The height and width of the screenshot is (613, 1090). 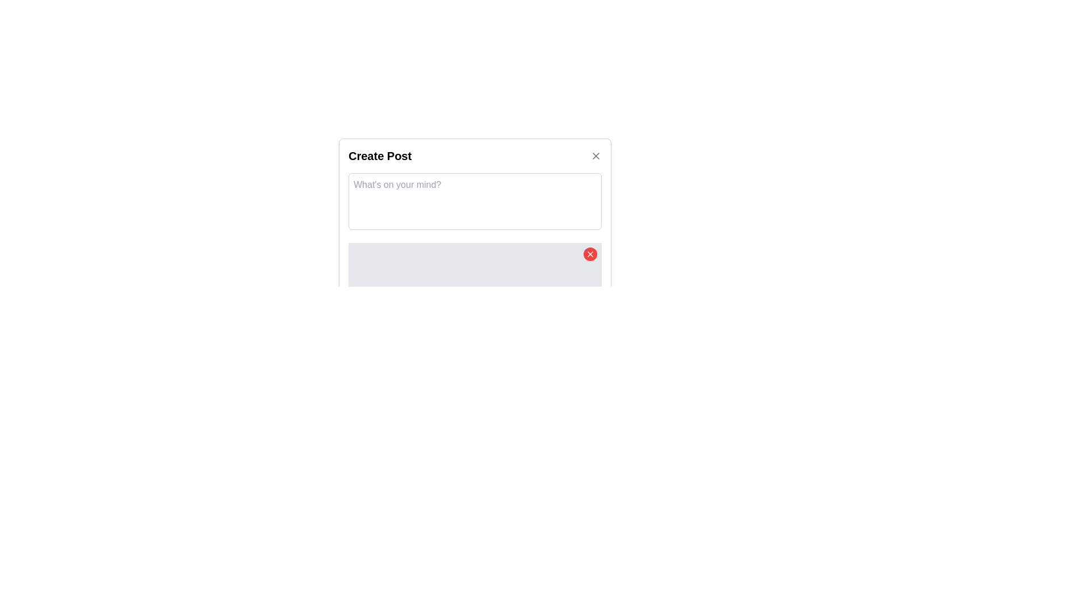 I want to click on the 'Create Post' text label, which is styled with a bold, large font size and black color, located at the top-left corner of a content card within a modal window, so click(x=380, y=156).